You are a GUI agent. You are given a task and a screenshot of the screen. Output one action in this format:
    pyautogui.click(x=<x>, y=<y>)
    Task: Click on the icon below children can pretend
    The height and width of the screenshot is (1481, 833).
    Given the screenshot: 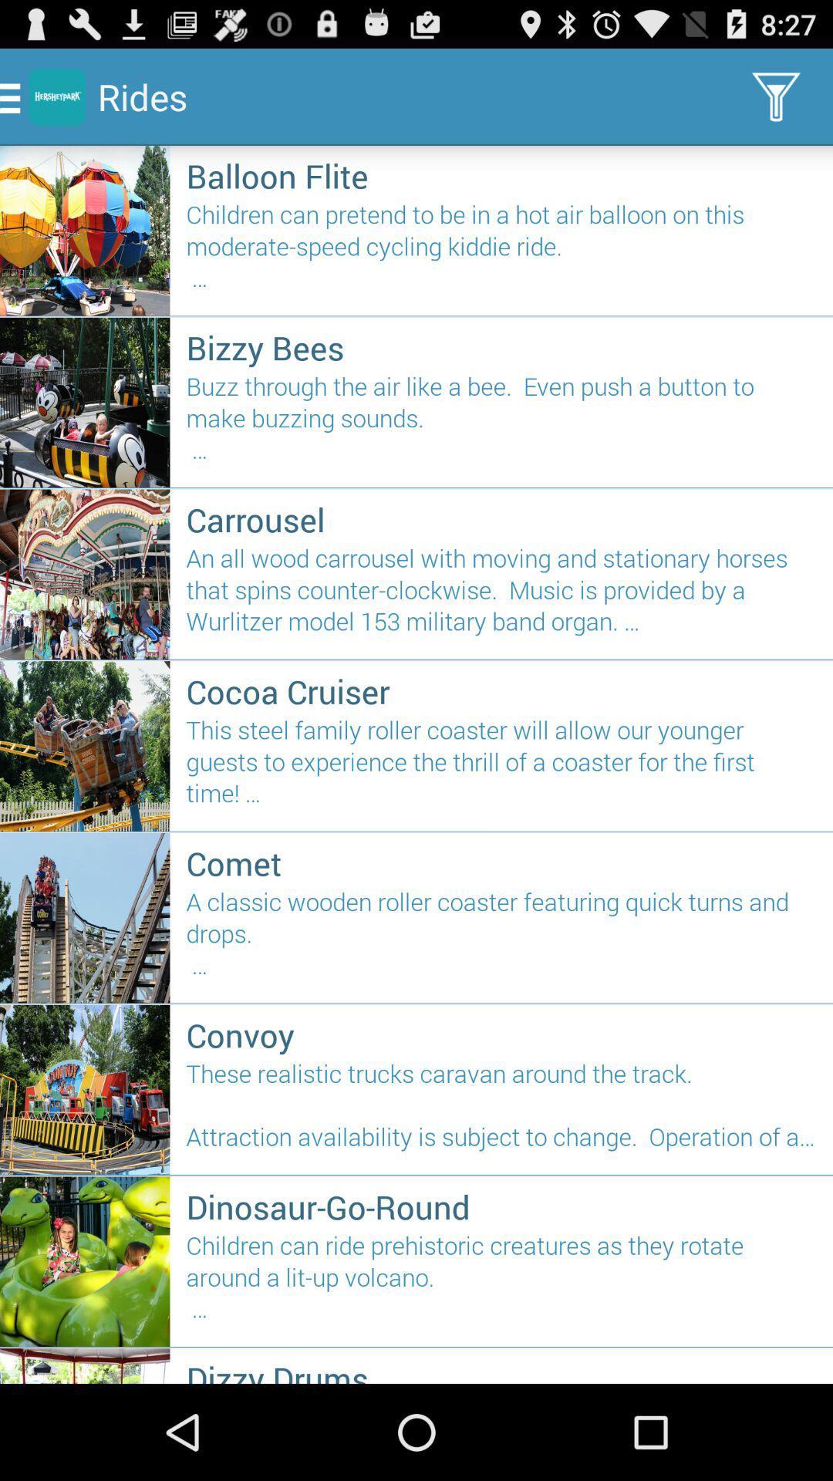 What is the action you would take?
    pyautogui.click(x=501, y=346)
    